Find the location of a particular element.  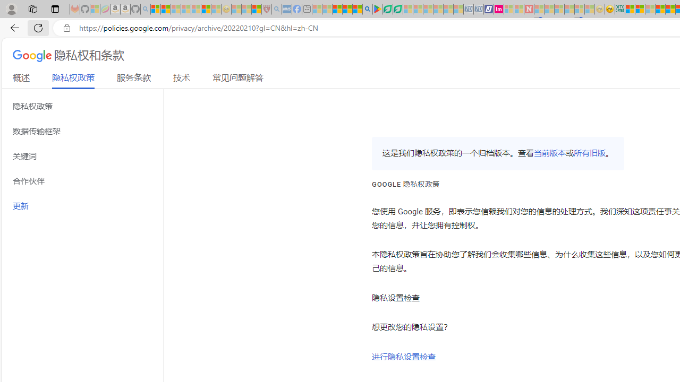

'Jobs - lastminute.com Investor Portal' is located at coordinates (498, 9).